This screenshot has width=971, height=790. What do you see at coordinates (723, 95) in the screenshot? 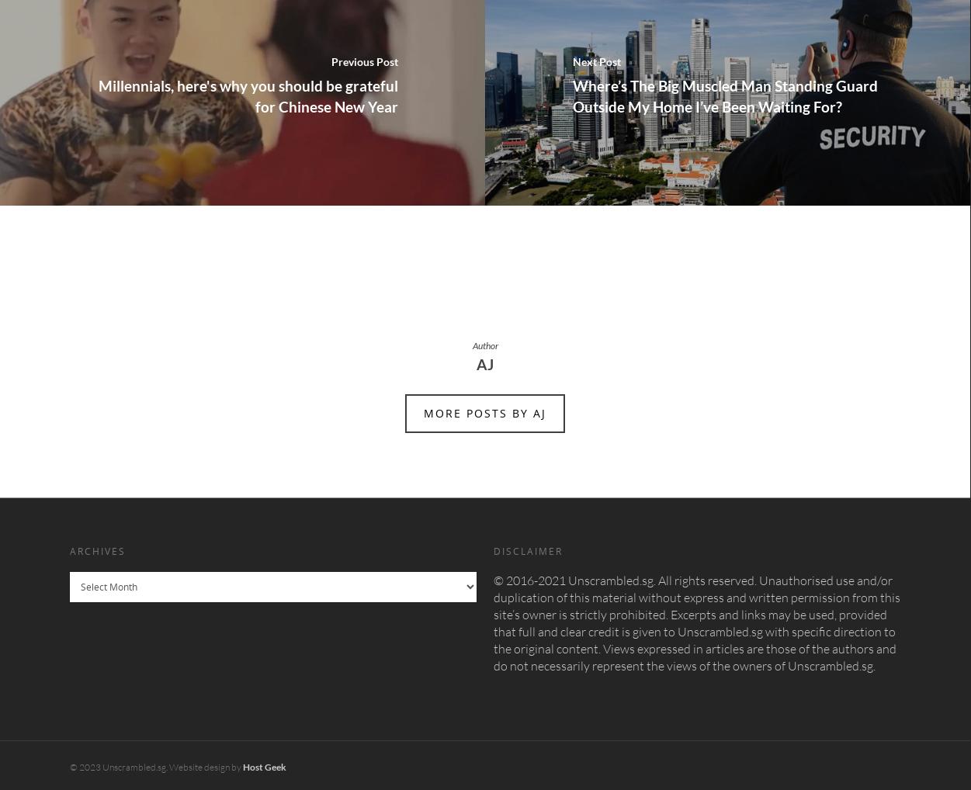
I see `'Where’s The Big Muscled Man Standing Guard Outside My Home I’ve Been Waiting For?'` at bounding box center [723, 95].